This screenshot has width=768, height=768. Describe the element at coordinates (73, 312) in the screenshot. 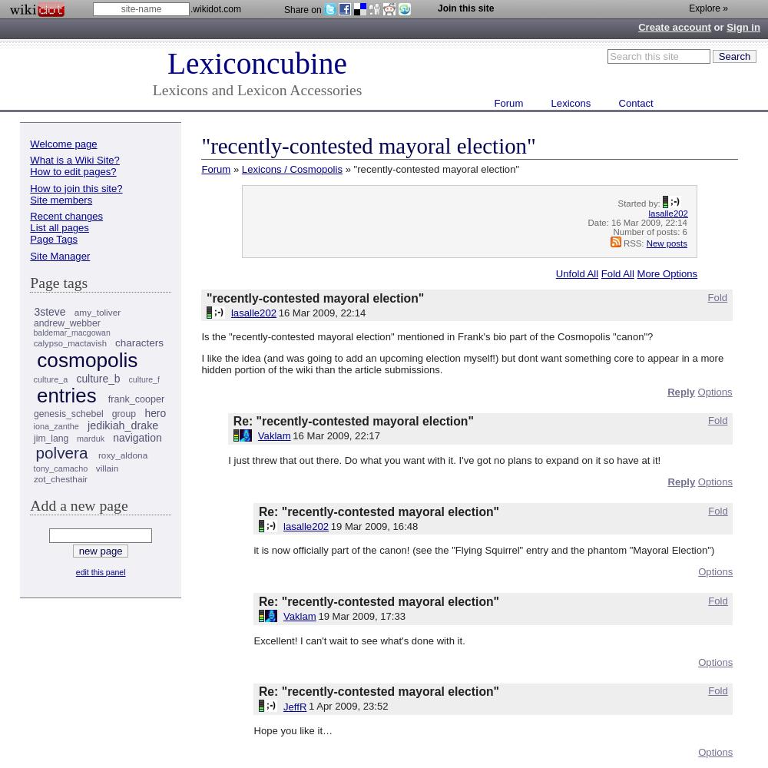

I see `'amy_toliver'` at that location.